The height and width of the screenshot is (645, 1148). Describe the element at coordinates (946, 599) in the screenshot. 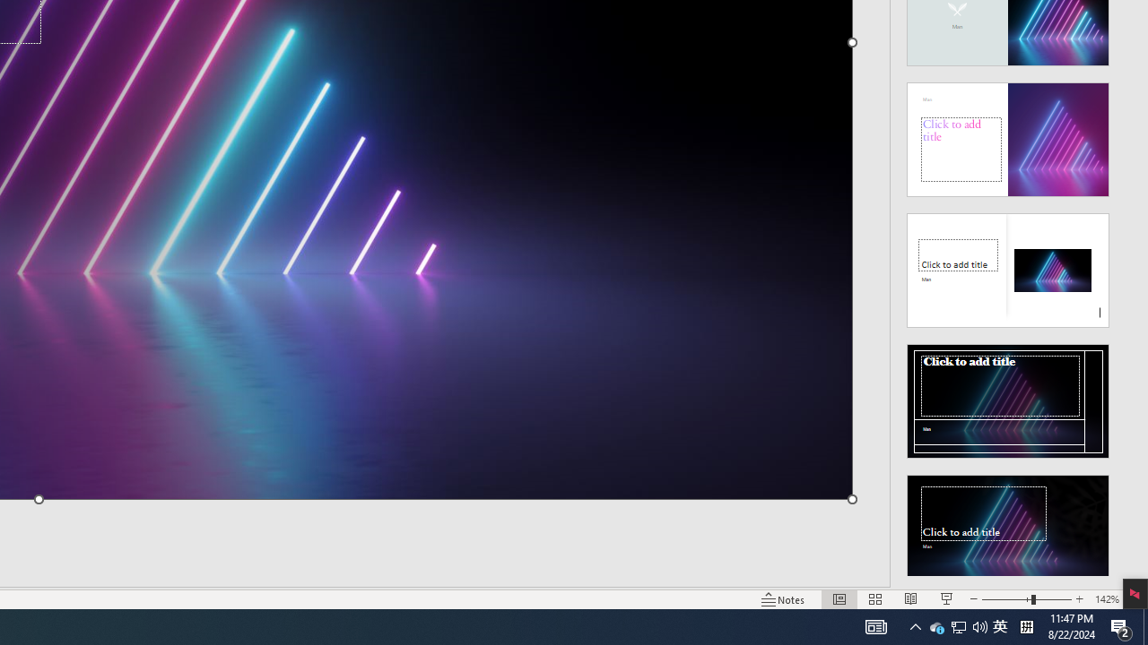

I see `'Slide Show'` at that location.